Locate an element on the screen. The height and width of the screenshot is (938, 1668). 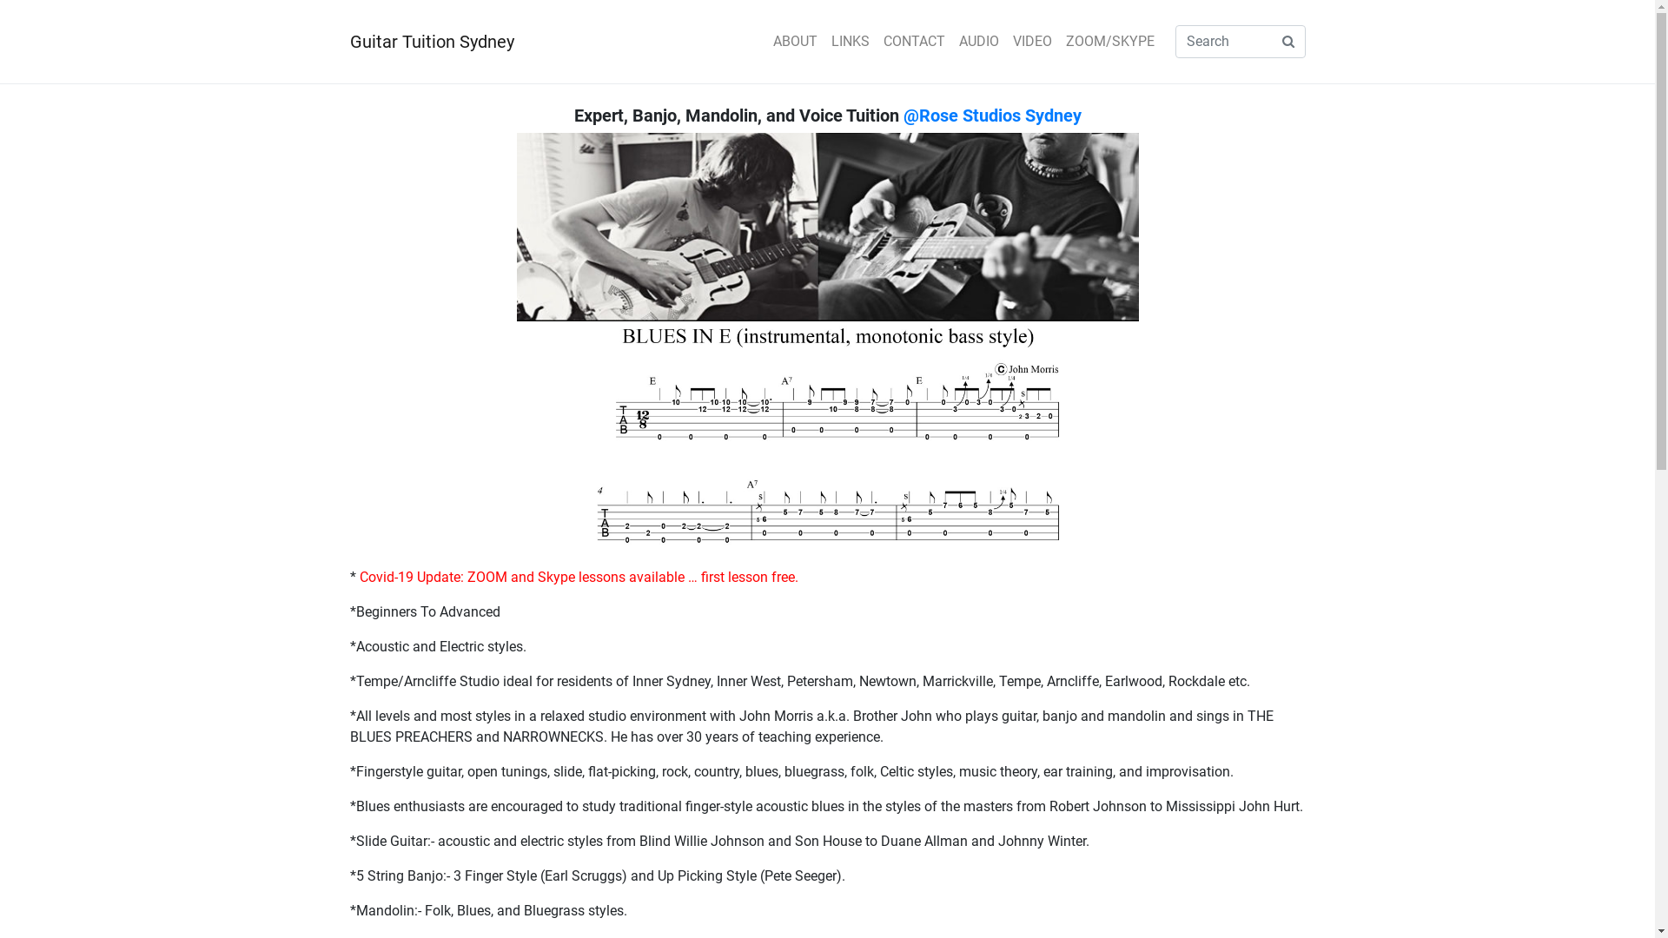
'Guitar Tuition Sydney' is located at coordinates (431, 40).